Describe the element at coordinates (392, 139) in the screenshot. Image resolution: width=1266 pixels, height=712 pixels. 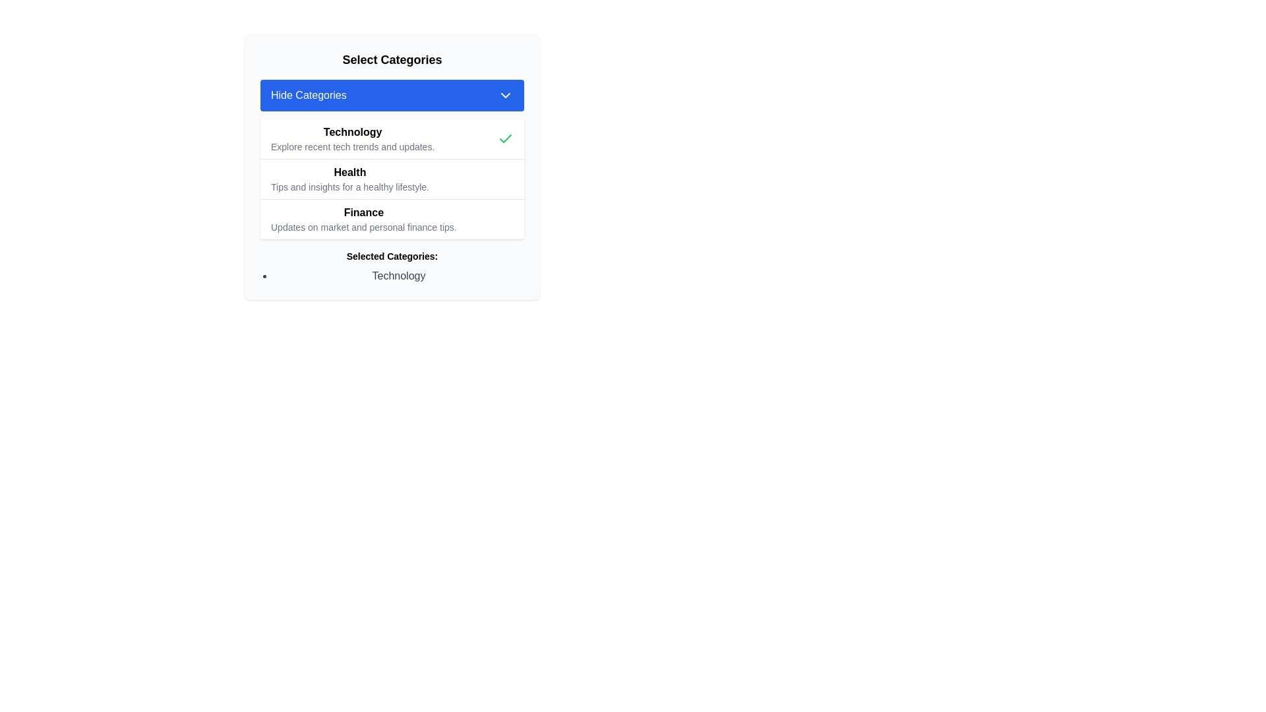
I see `the first category list item titled 'Technology' that includes a bold title and a green checkmark icon` at that location.